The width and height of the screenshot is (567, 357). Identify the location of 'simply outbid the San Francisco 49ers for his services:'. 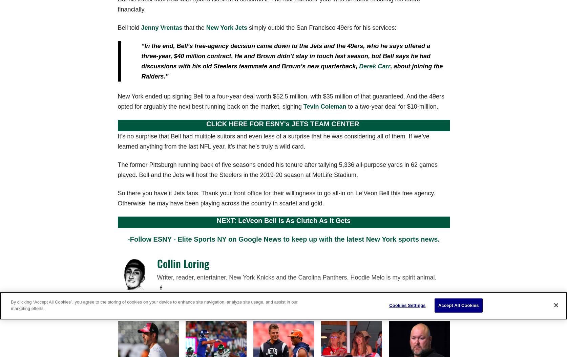
(321, 27).